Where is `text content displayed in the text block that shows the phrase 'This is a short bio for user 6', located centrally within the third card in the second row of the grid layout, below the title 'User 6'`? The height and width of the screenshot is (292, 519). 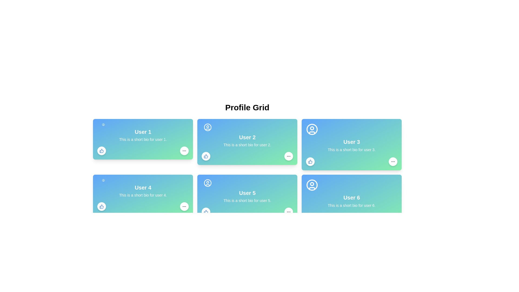 text content displayed in the text block that shows the phrase 'This is a short bio for user 6', located centrally within the third card in the second row of the grid layout, below the title 'User 6' is located at coordinates (351, 205).